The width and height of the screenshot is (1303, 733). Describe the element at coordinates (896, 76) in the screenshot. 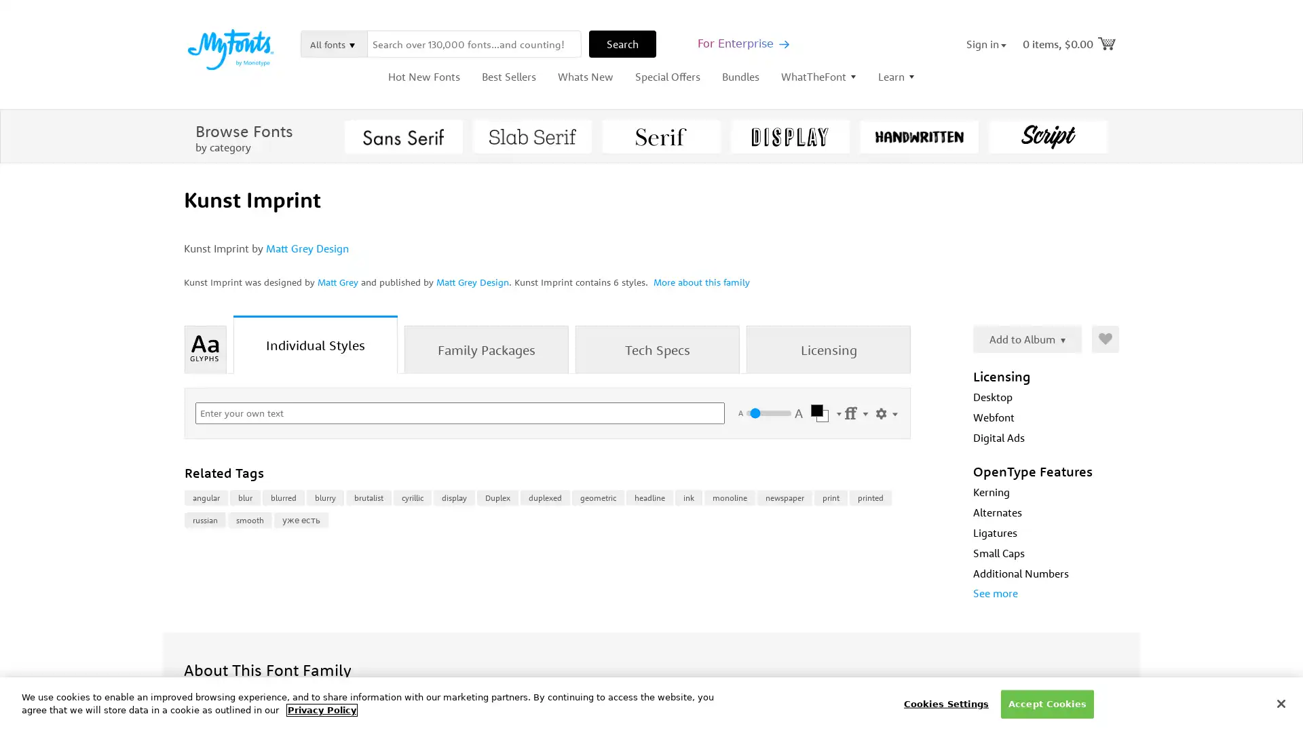

I see `Learn` at that location.